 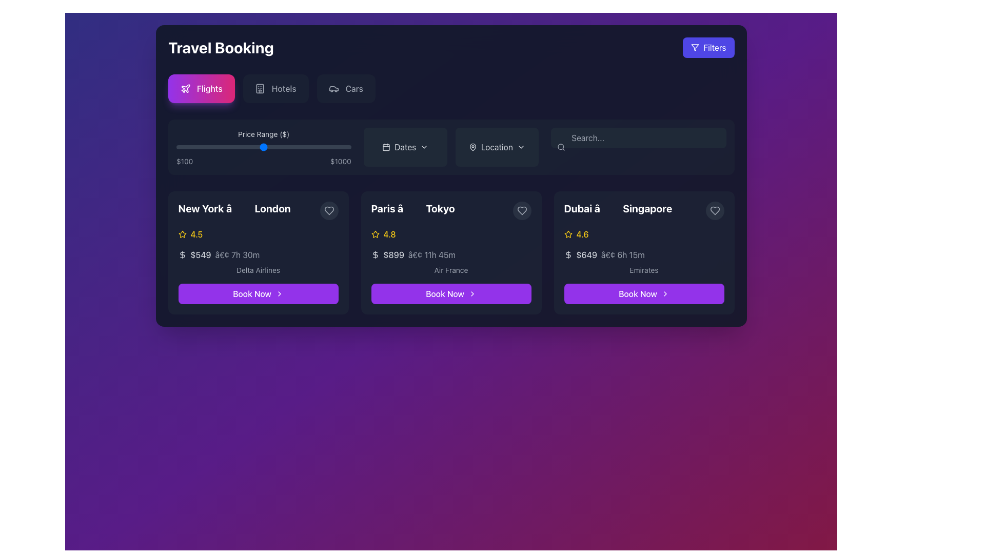 What do you see at coordinates (226, 147) in the screenshot?
I see `the price range` at bounding box center [226, 147].